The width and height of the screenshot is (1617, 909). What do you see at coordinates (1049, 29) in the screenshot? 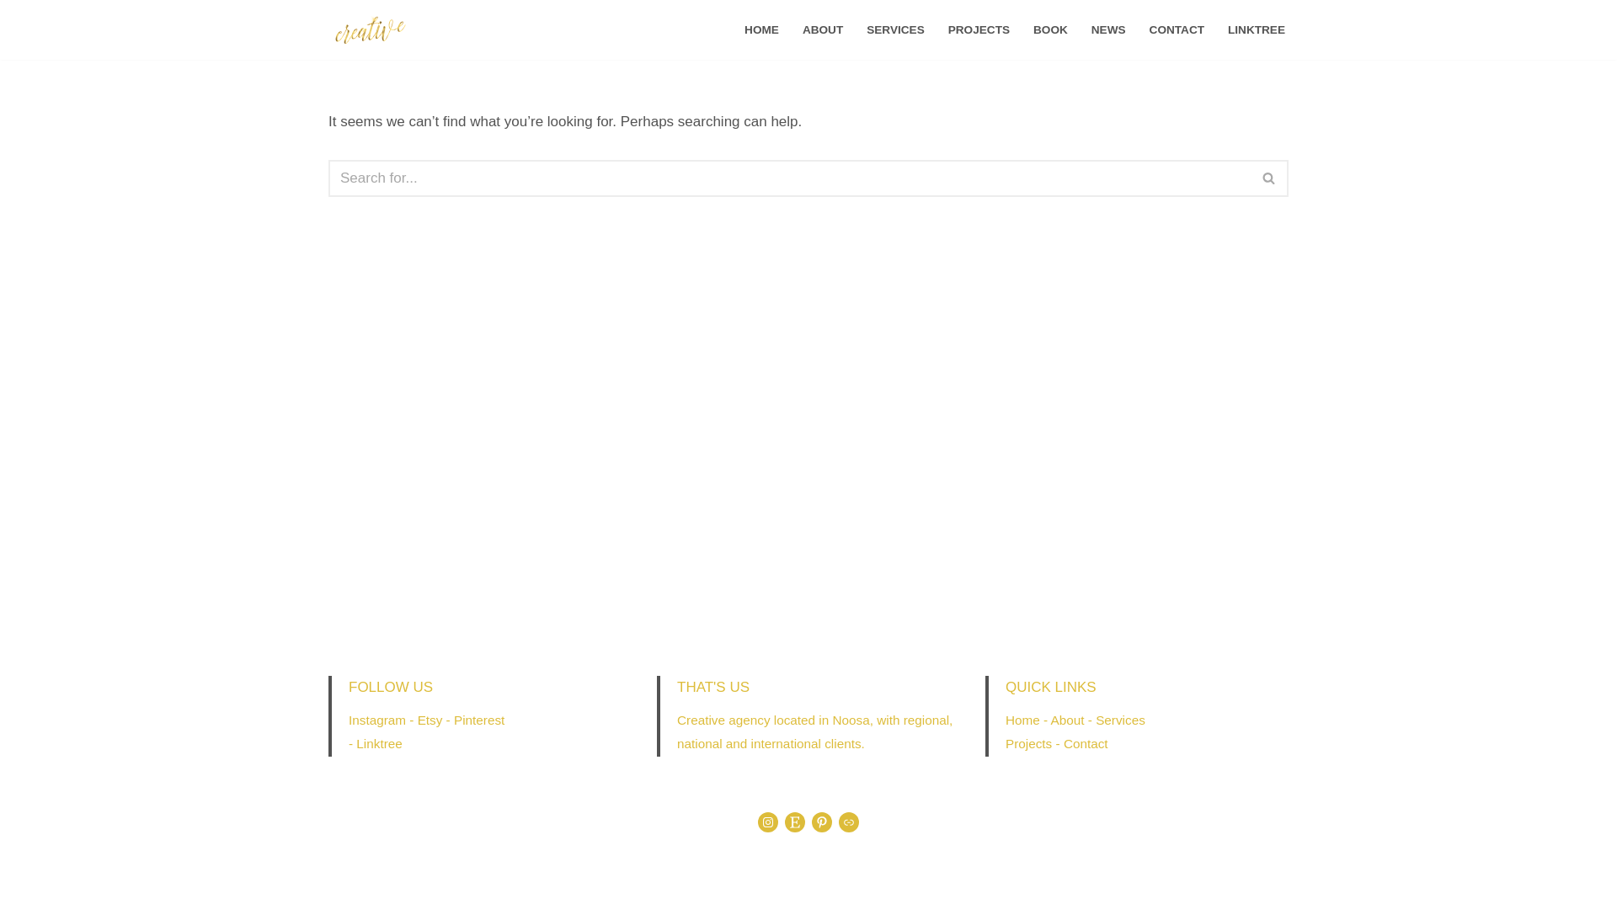
I see `'BOOK'` at bounding box center [1049, 29].